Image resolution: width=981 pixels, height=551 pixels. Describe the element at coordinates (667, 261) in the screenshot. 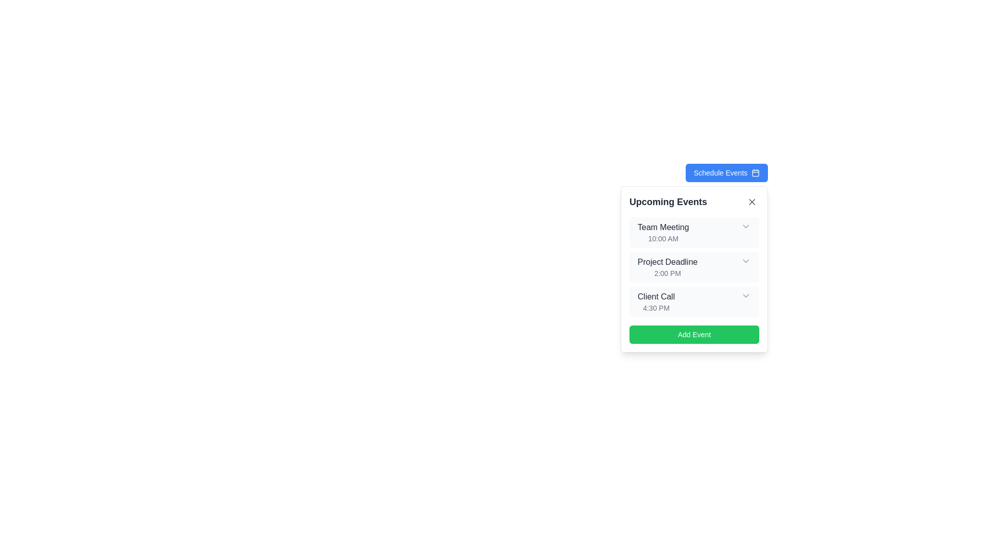

I see `title or description of the event displayed in the 'Upcoming Events' section, specifically the Text label that is the first line of the second item, positioned above the smaller-font text showing '2:00 PM'` at that location.